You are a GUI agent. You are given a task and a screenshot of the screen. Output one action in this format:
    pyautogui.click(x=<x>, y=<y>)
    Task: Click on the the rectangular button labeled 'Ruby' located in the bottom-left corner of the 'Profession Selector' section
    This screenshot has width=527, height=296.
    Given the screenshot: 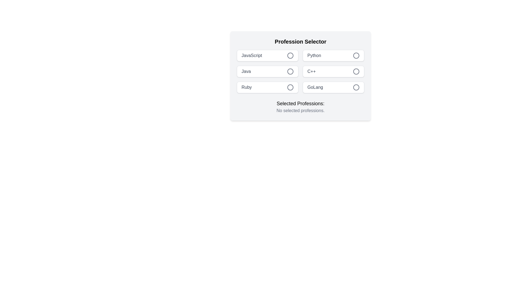 What is the action you would take?
    pyautogui.click(x=267, y=87)
    